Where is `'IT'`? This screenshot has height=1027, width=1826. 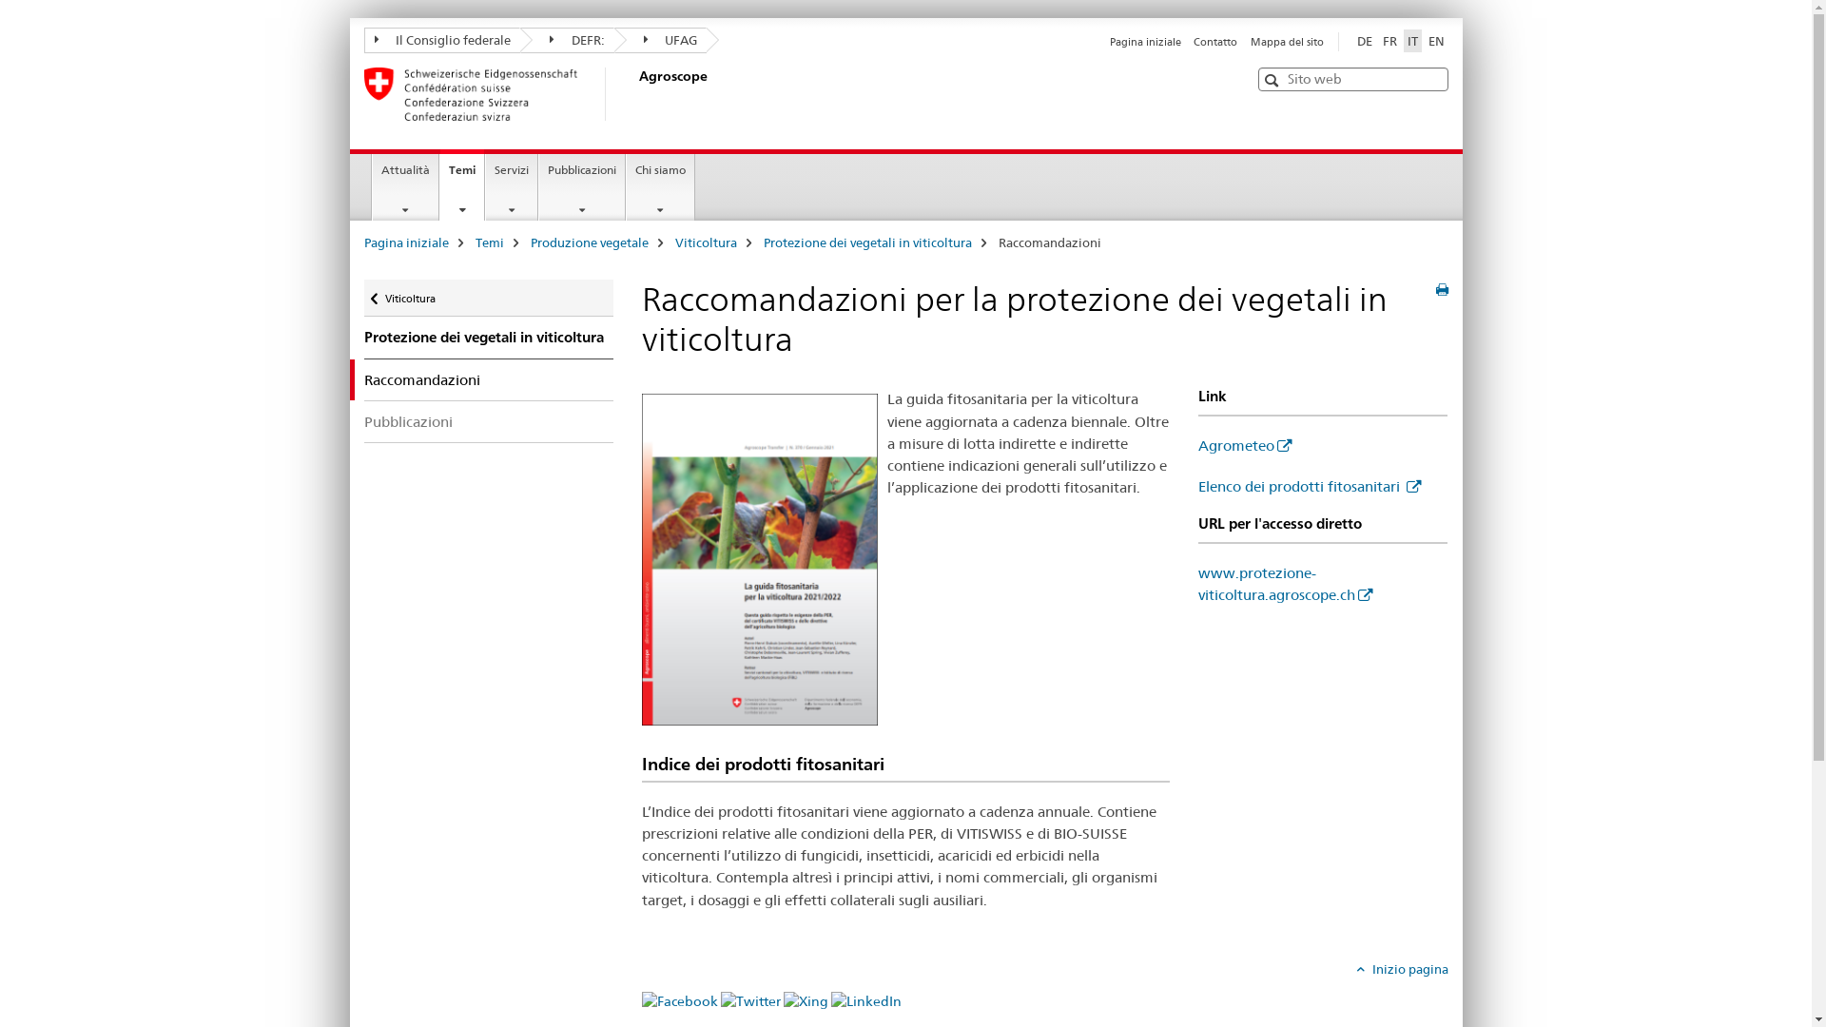 'IT' is located at coordinates (1404, 40).